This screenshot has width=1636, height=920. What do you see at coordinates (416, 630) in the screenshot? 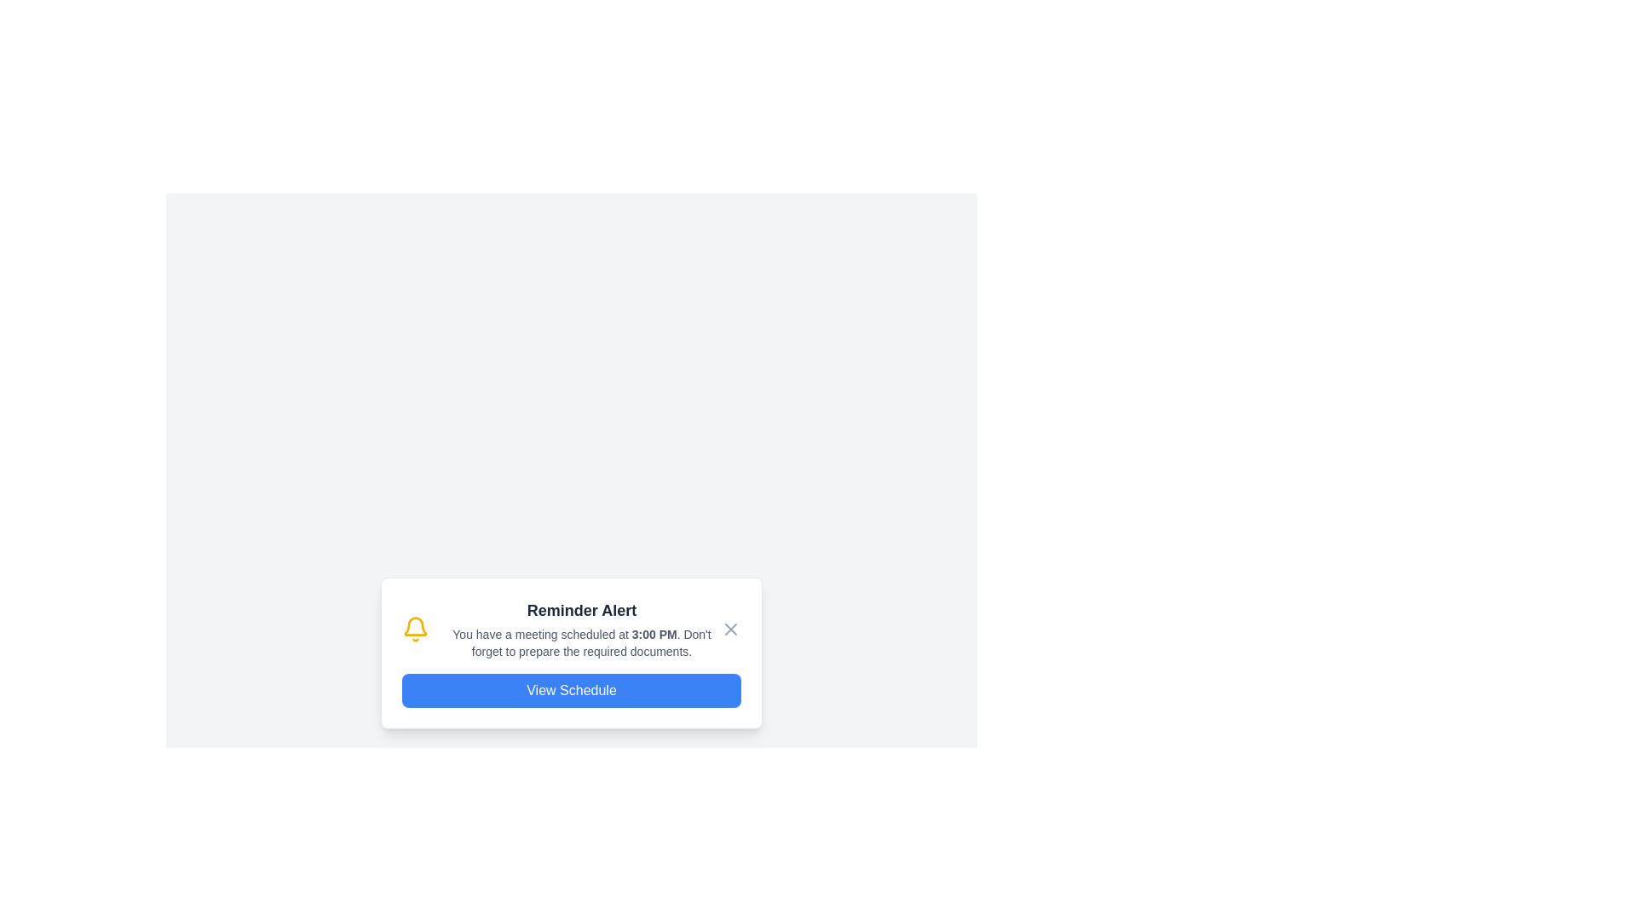
I see `the bell icon, which serves as a visual indicator for notifications, located at the top section of the modal, leftmost side, centered vertically with the 'Reminder Alert' text` at bounding box center [416, 630].